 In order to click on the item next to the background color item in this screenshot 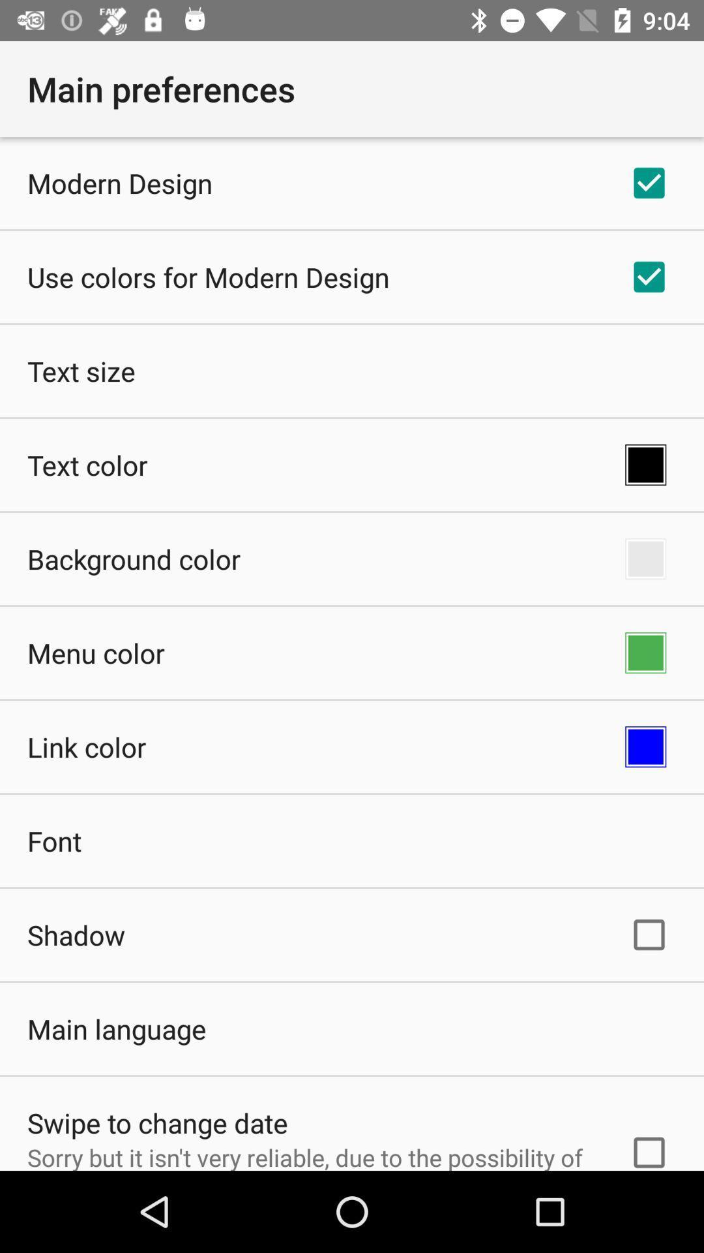, I will do `click(645, 559)`.